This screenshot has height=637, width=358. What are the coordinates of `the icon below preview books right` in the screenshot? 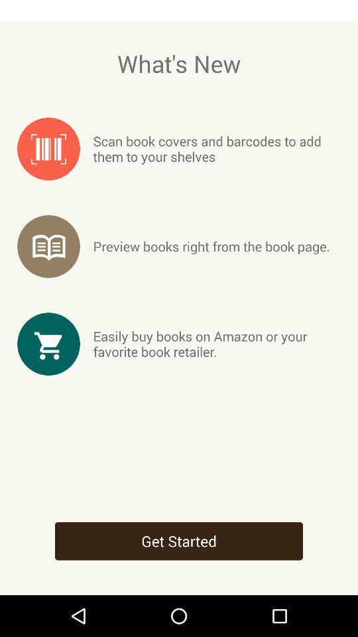 It's located at (217, 343).